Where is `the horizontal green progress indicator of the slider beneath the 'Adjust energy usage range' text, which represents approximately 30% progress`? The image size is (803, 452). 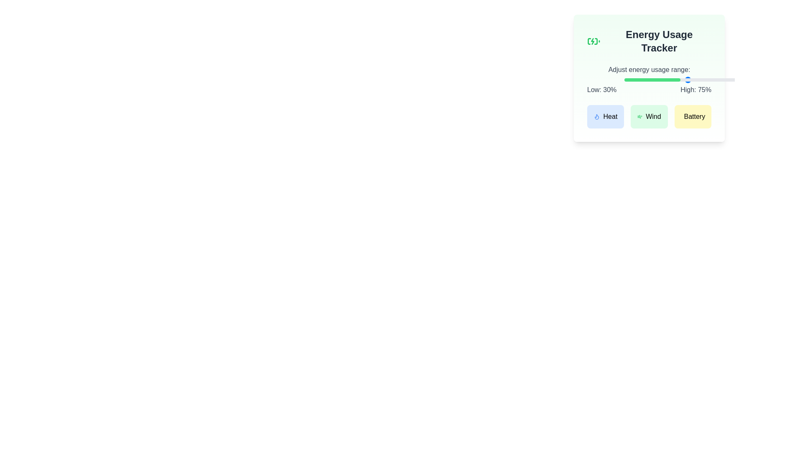
the horizontal green progress indicator of the slider beneath the 'Adjust energy usage range' text, which represents approximately 30% progress is located at coordinates (652, 80).